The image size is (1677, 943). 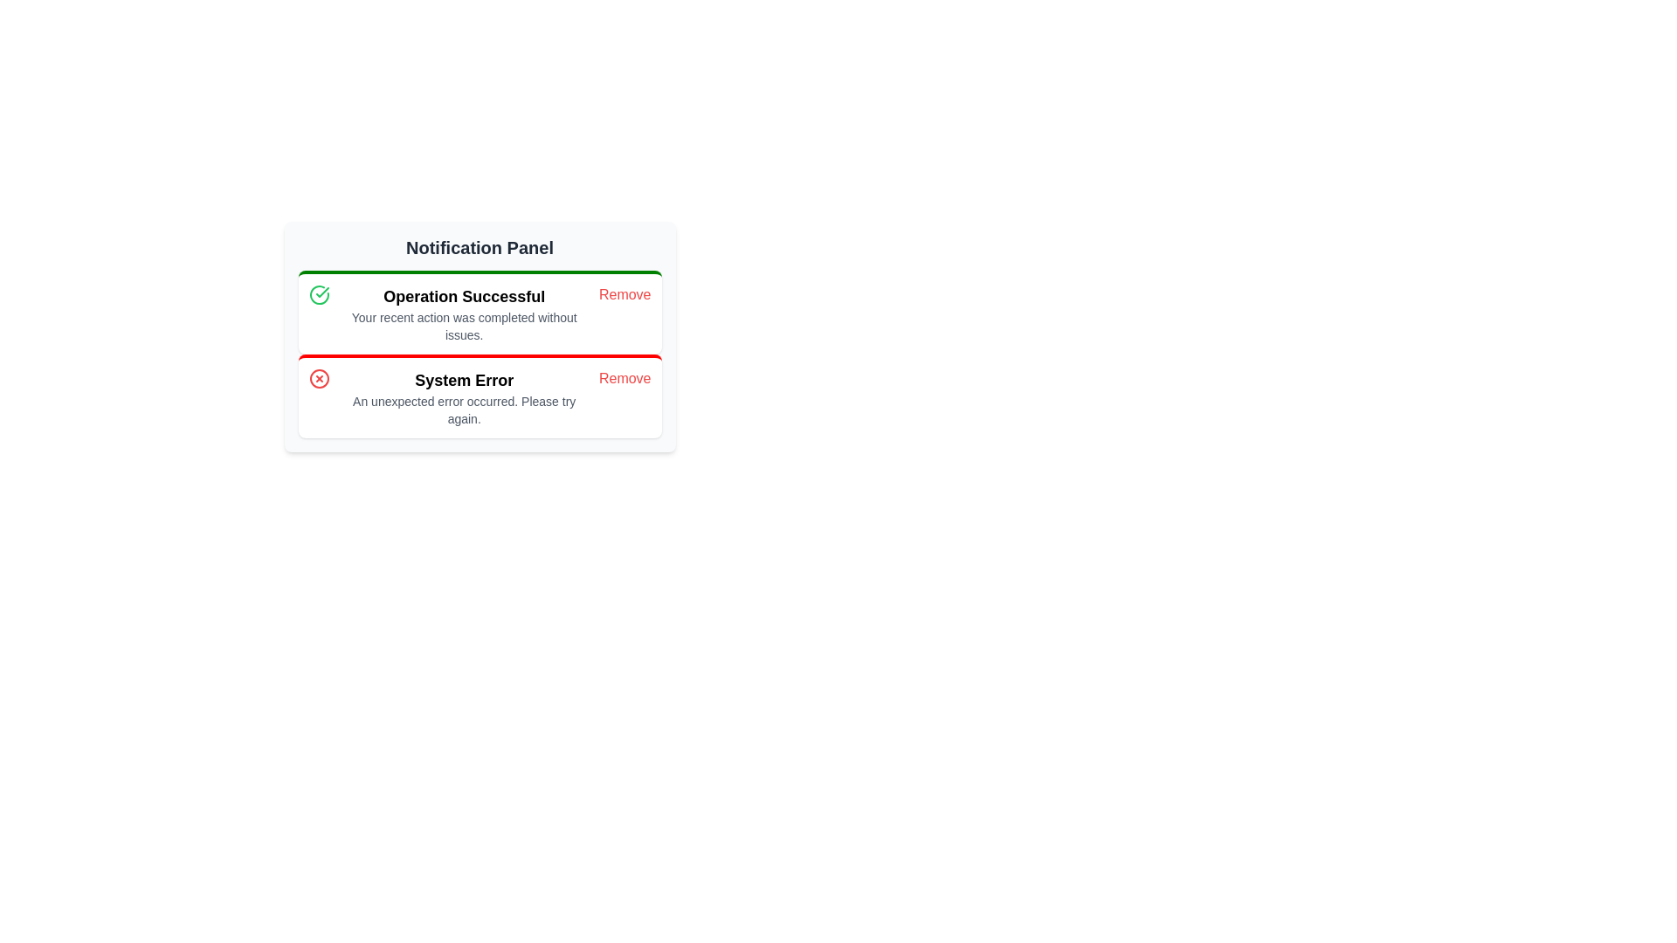 What do you see at coordinates (464, 313) in the screenshot?
I see `the text display element that shows 'Operation Successful' with the message 'Your recent action was completed without issues.'` at bounding box center [464, 313].